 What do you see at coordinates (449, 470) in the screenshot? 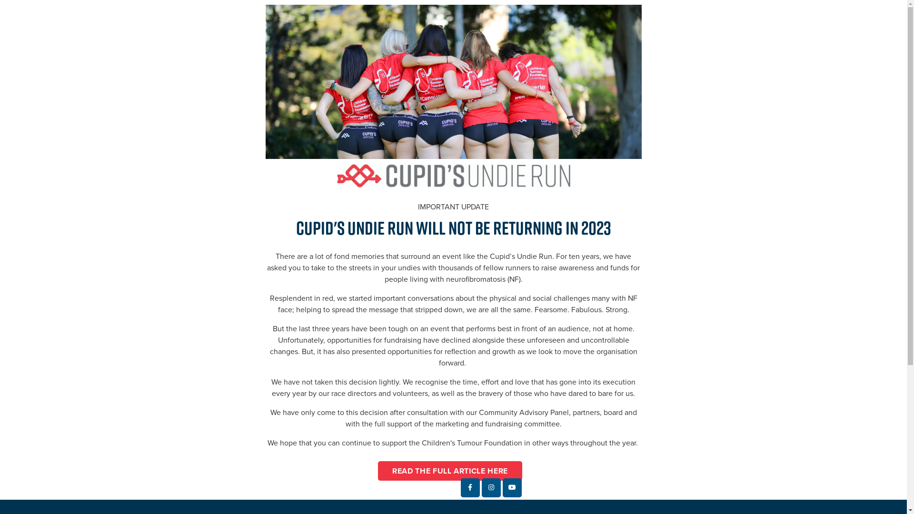
I see `'READ THE FULL ARTICLE HERE'` at bounding box center [449, 470].